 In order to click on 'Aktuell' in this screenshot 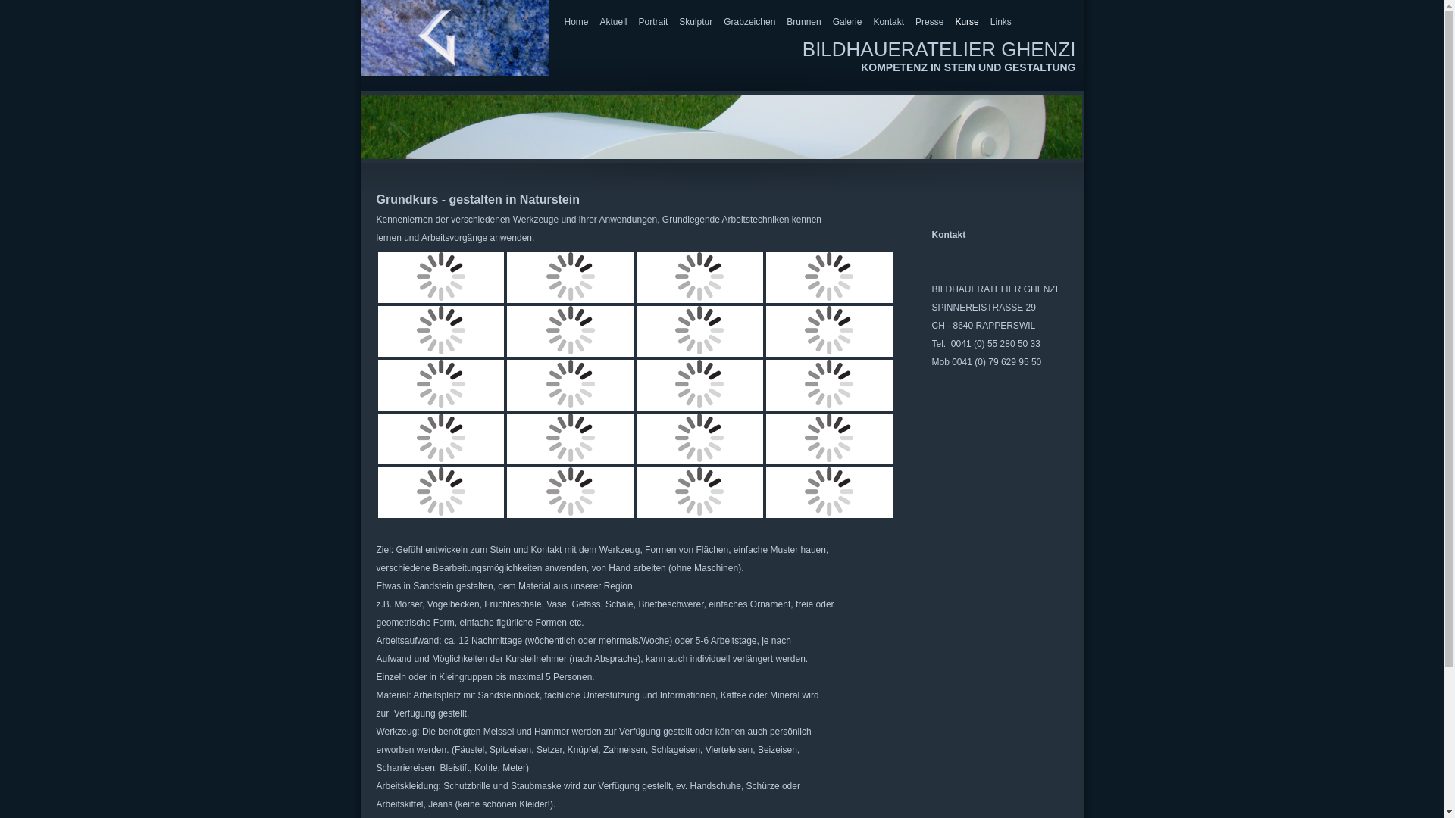, I will do `click(614, 22)`.